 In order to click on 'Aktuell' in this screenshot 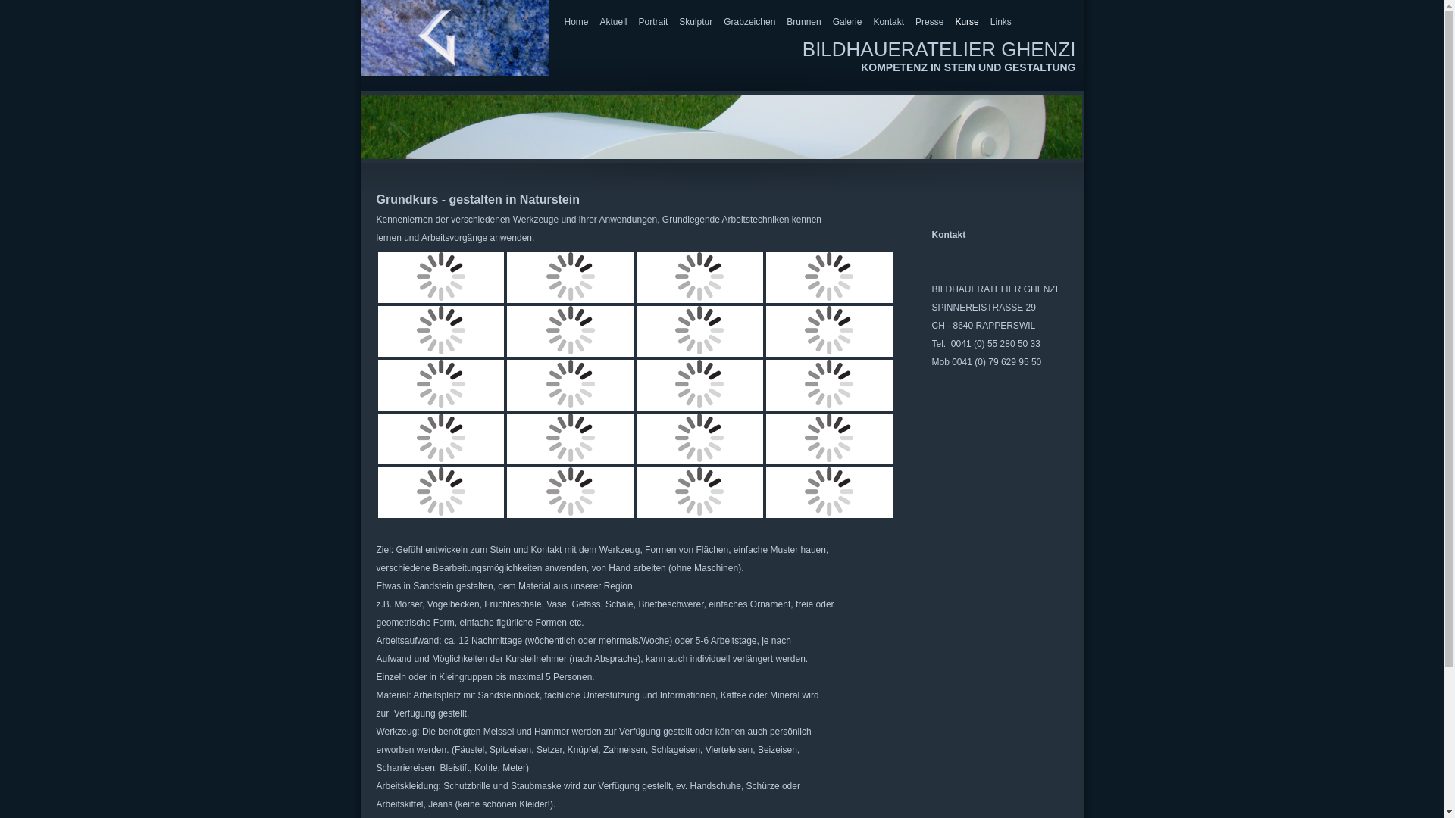, I will do `click(614, 22)`.